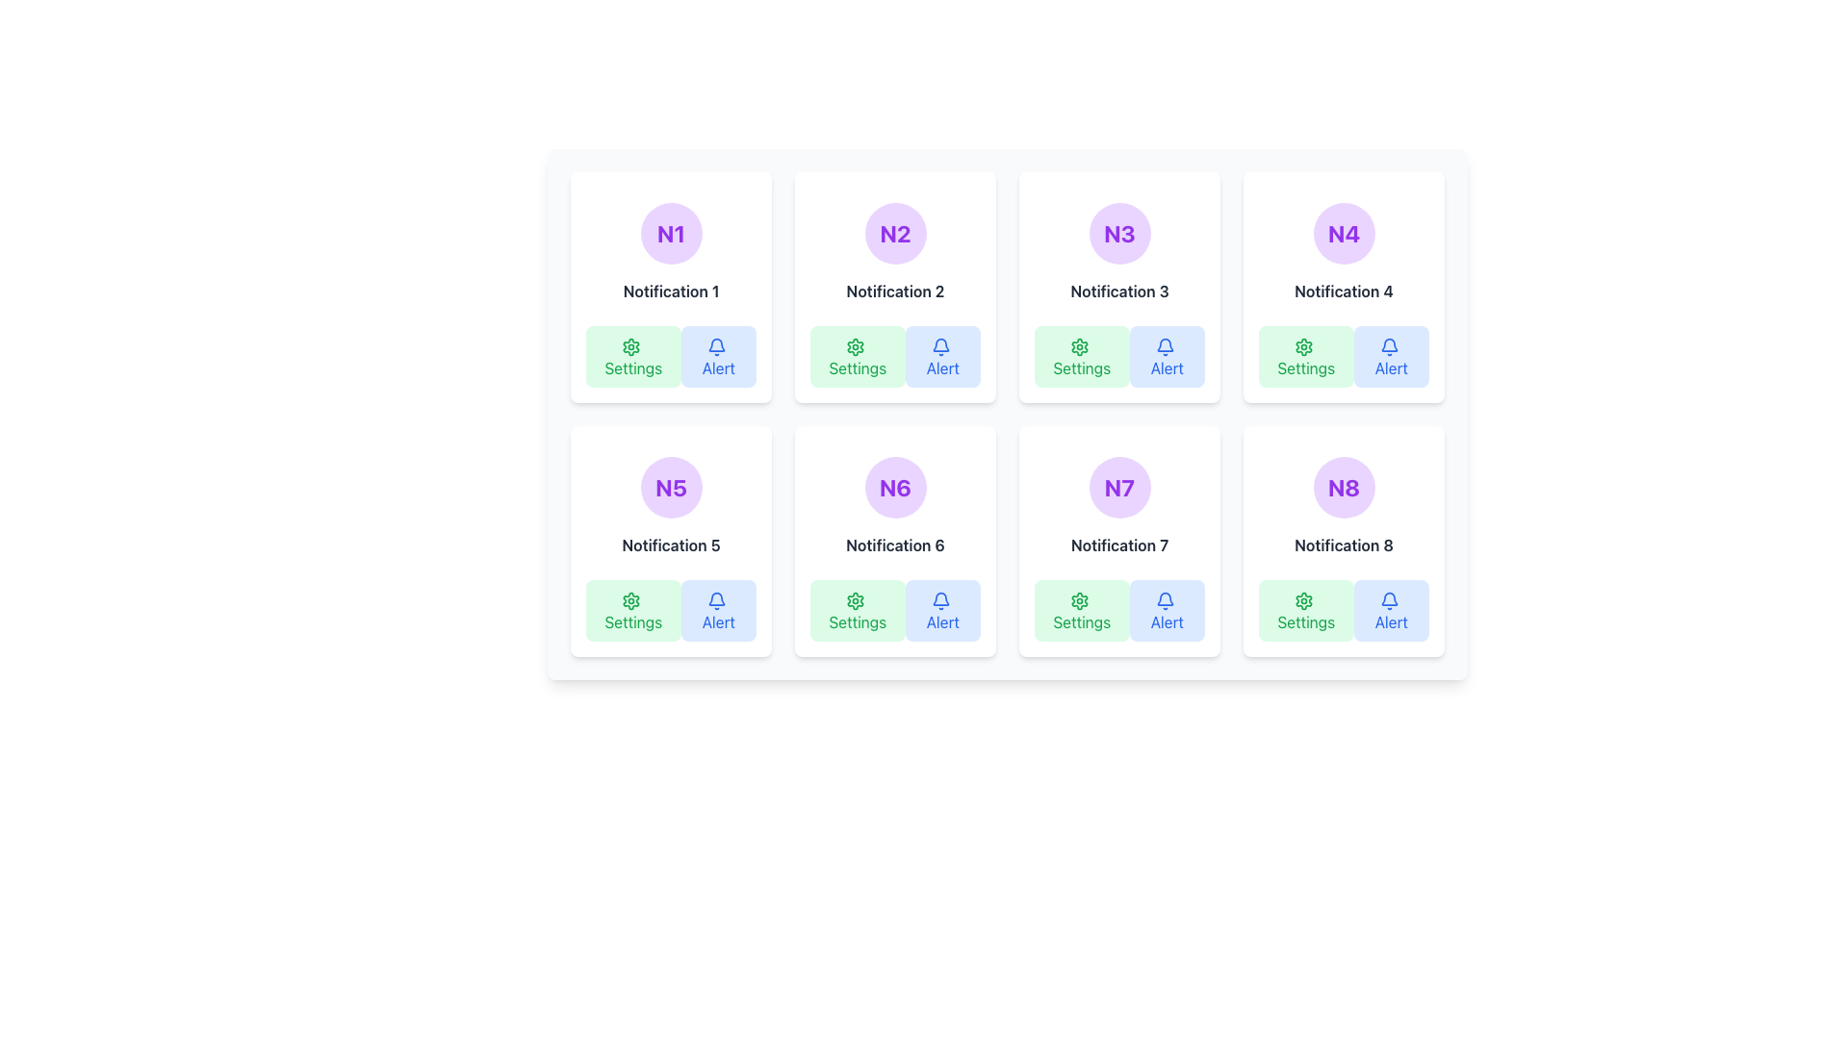  I want to click on the 'Settings' button with a light green background and gear icon located in the lower-left corner of the 'N8 Notification 8' card, so click(1306, 611).